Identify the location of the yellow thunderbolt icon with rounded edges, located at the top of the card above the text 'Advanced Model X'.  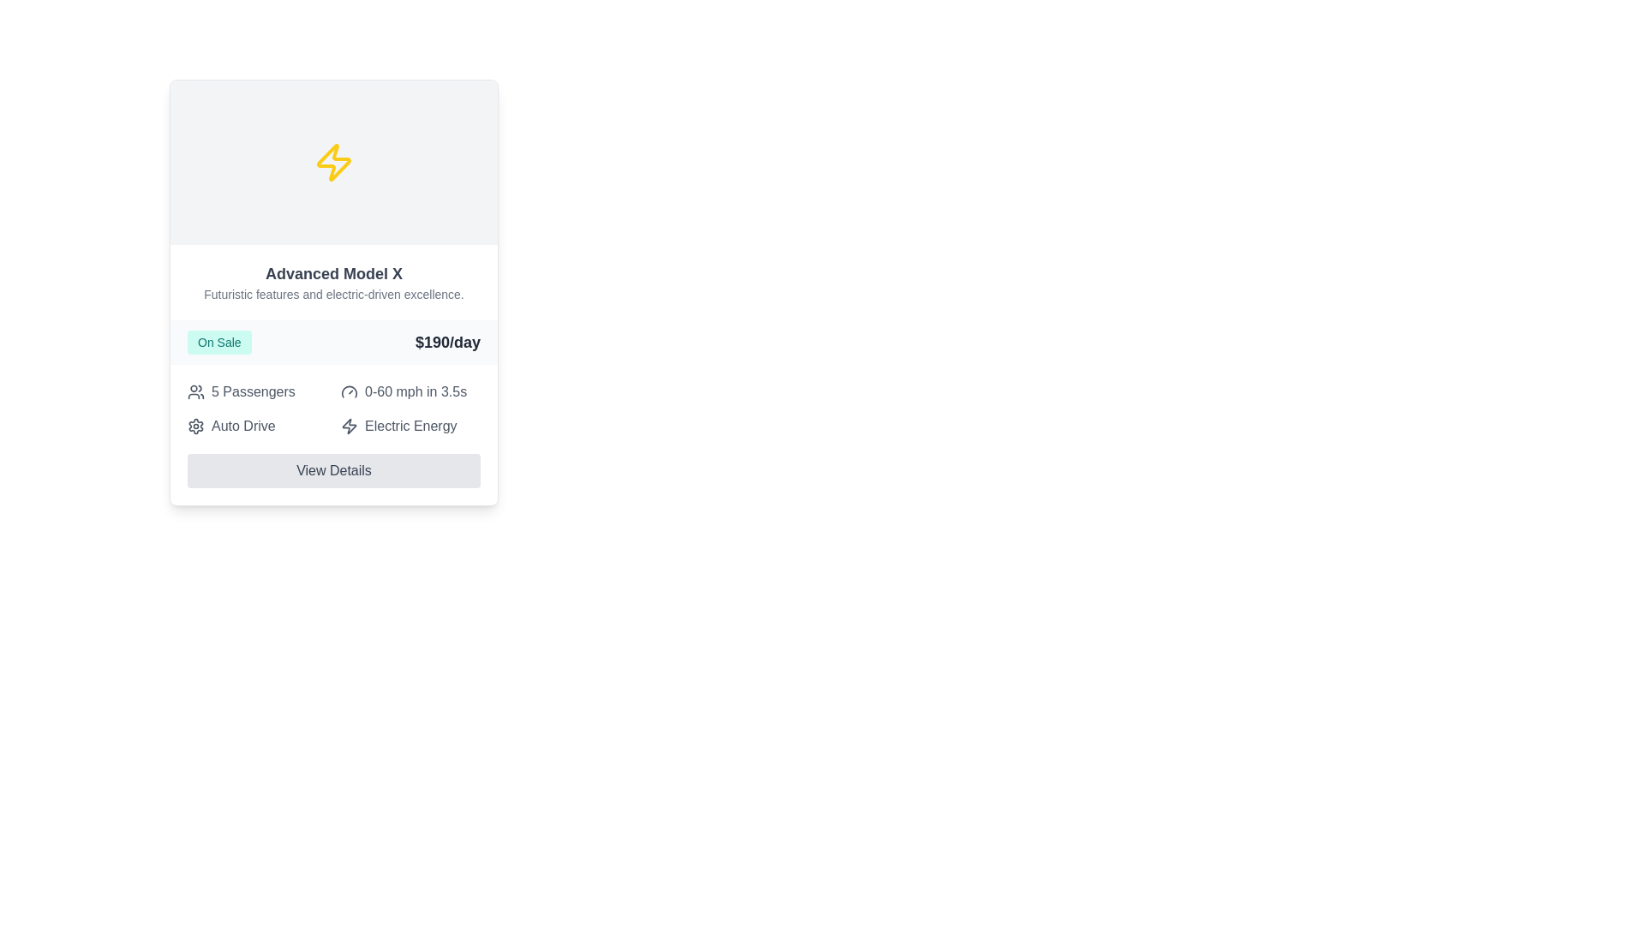
(333, 162).